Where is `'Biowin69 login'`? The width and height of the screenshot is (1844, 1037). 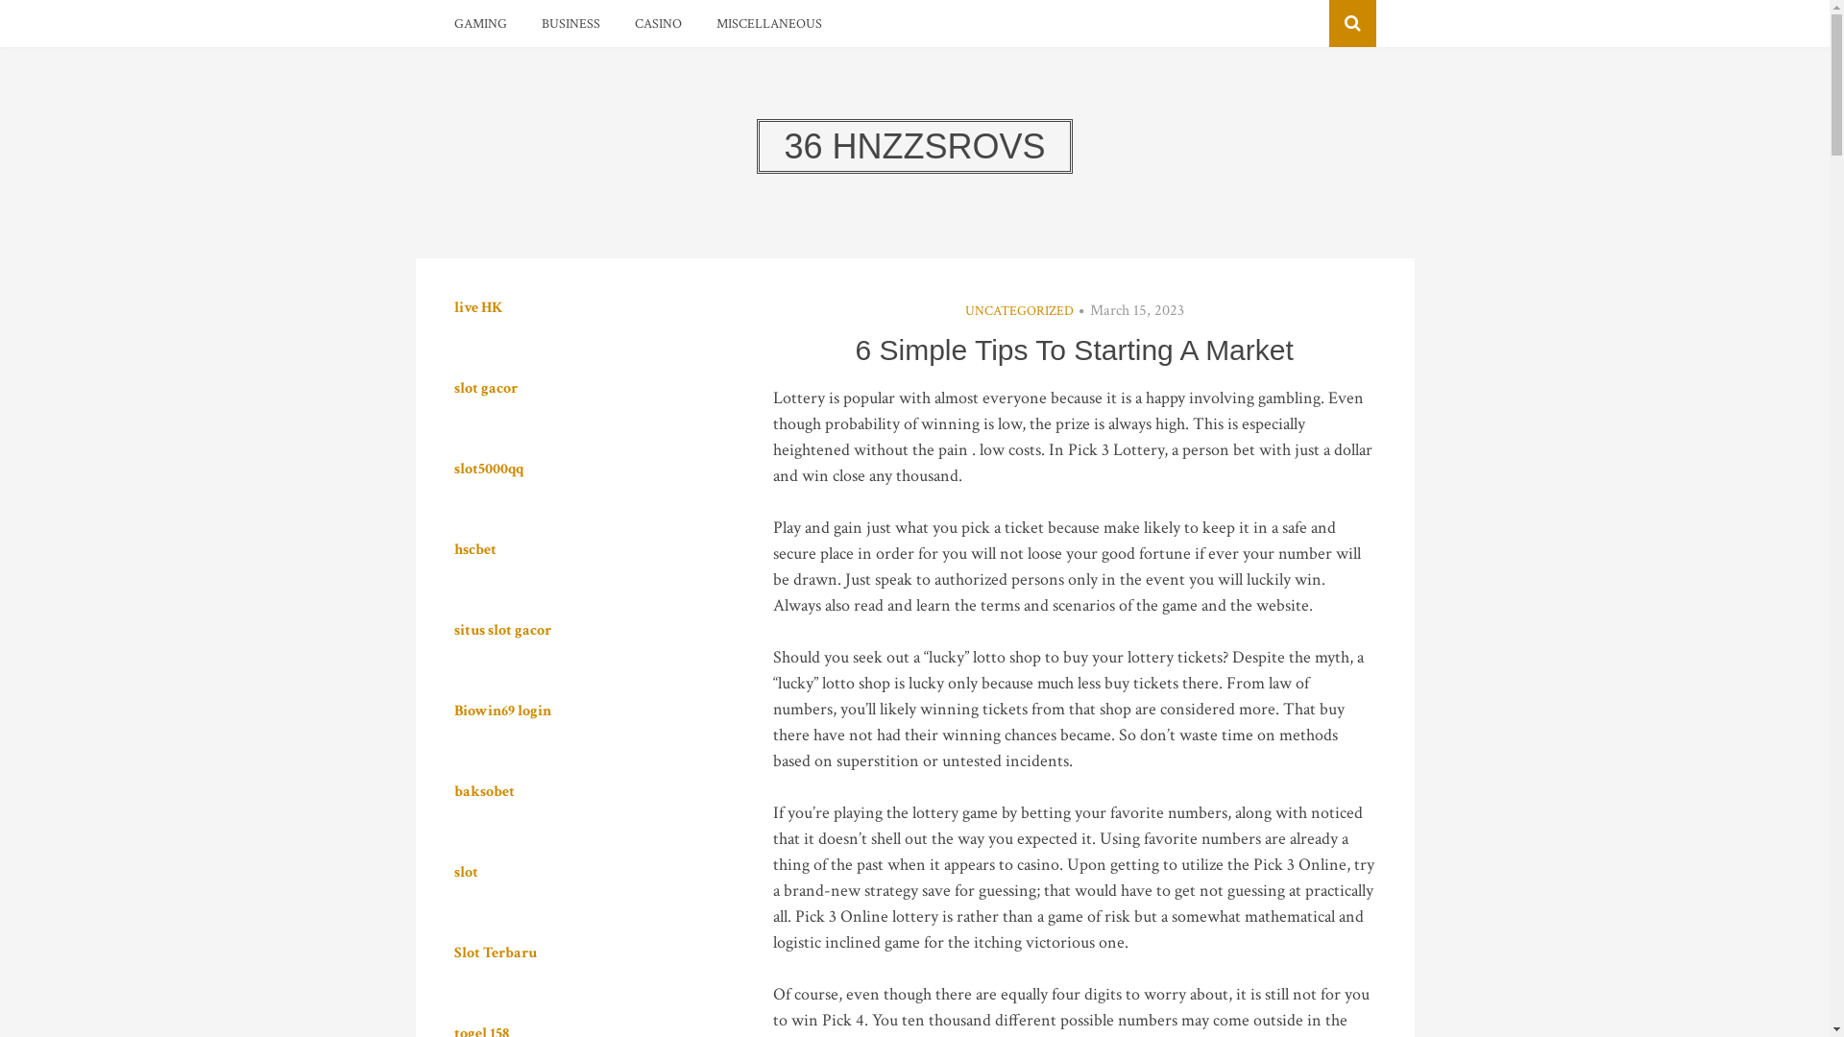 'Biowin69 login' is located at coordinates (501, 711).